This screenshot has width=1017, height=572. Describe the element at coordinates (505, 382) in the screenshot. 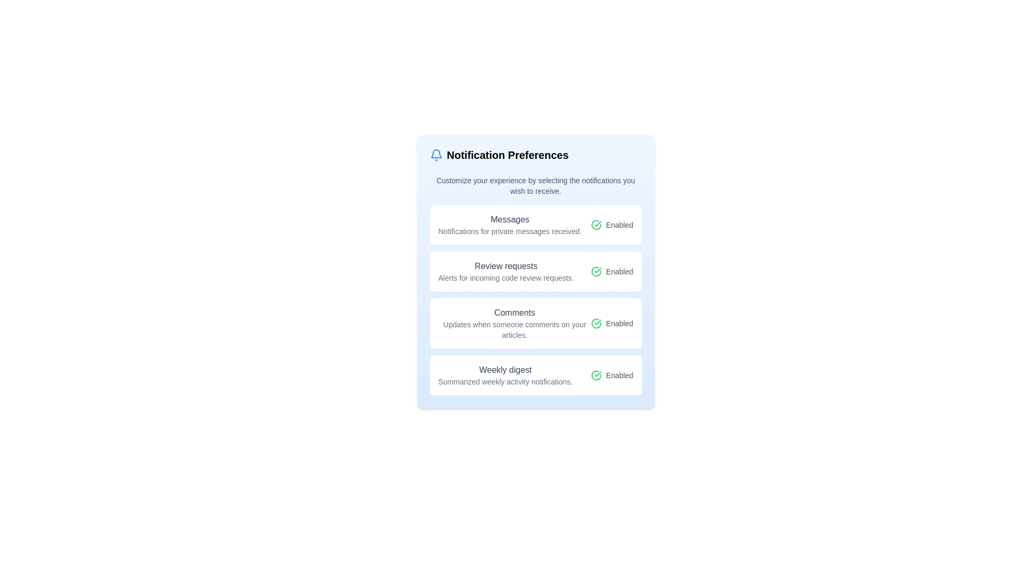

I see `the text caption styled in a smaller font size and gray color located below the 'Weekly digest' title` at that location.